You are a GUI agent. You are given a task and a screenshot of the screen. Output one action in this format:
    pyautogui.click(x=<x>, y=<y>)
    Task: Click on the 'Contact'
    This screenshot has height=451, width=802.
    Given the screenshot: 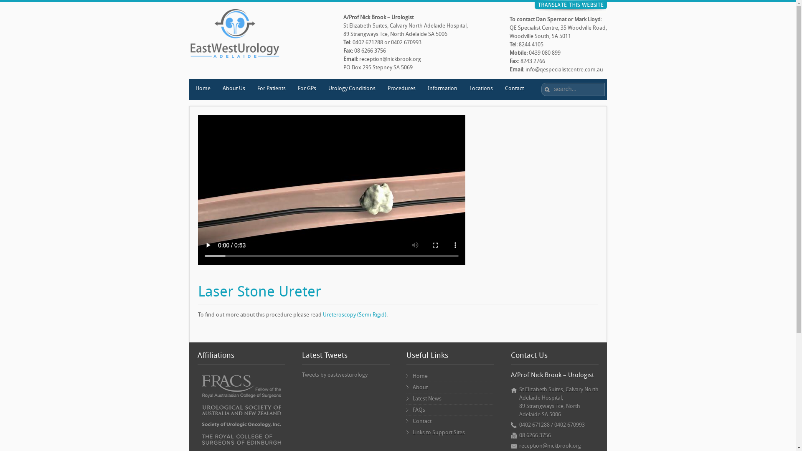 What is the action you would take?
    pyautogui.click(x=406, y=421)
    